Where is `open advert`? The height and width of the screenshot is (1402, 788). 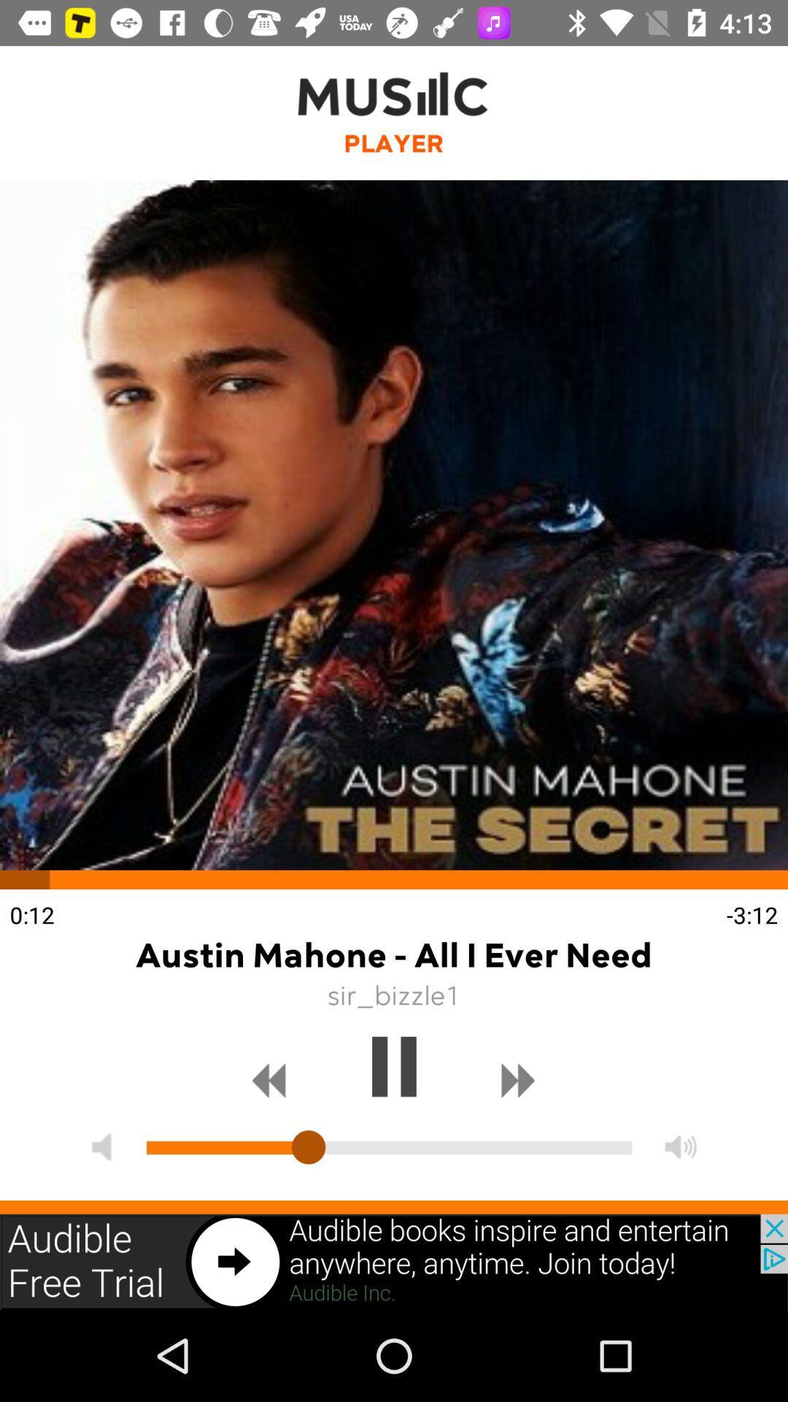
open advert is located at coordinates (394, 1261).